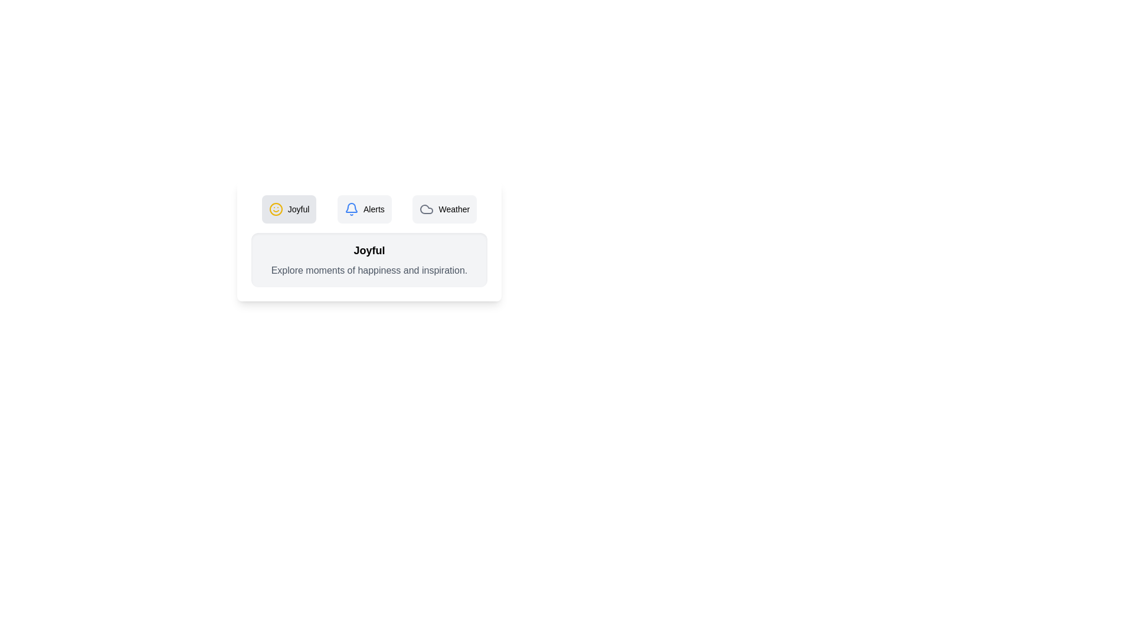  I want to click on the Joyful tab to switch to its content view, so click(289, 208).